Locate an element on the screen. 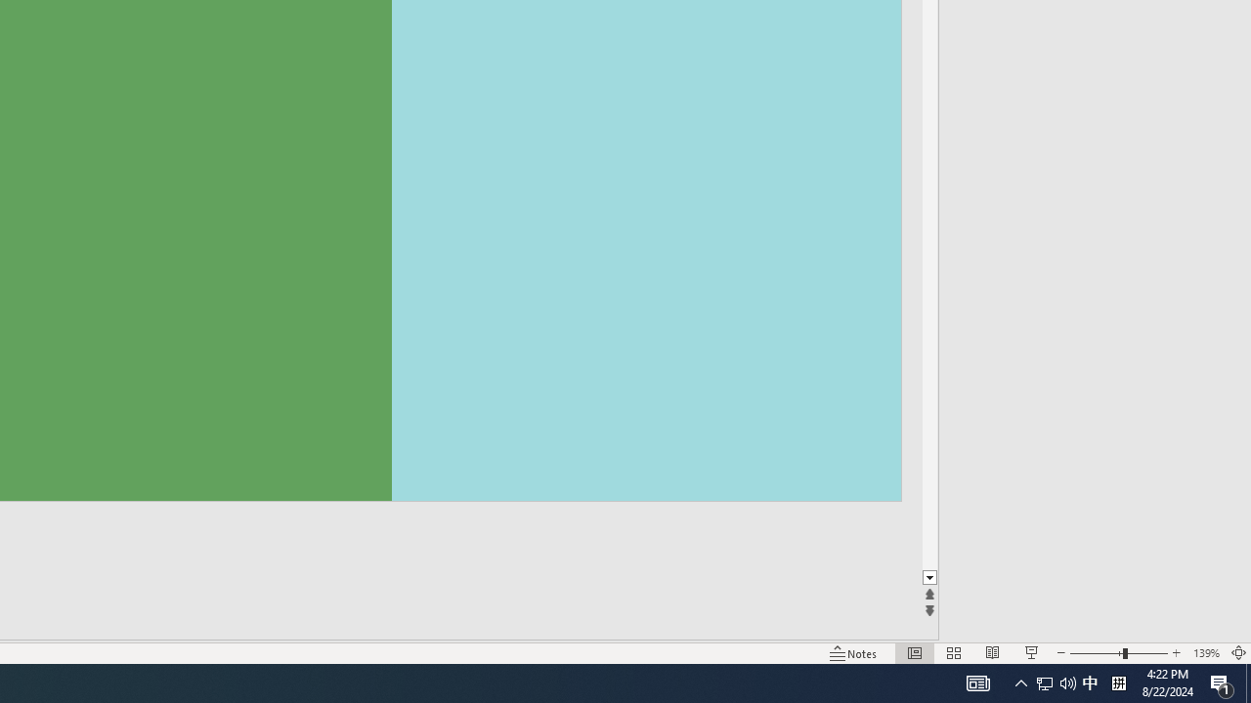 This screenshot has height=703, width=1251. 'Zoom 139%' is located at coordinates (1205, 653).